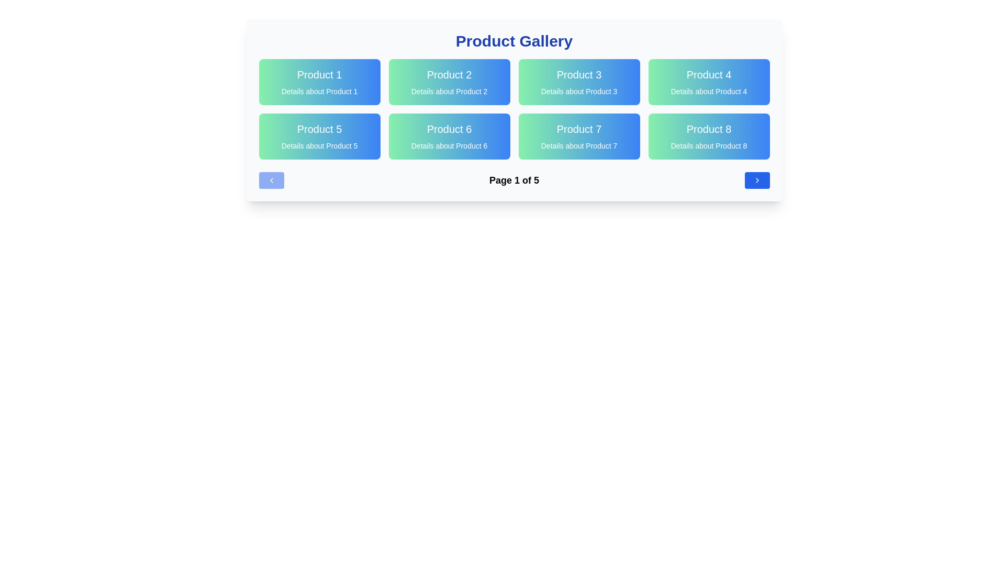  Describe the element at coordinates (709, 128) in the screenshot. I see `the static text element displaying the product name located in the bottom-right card of a 2x4 grid layout` at that location.